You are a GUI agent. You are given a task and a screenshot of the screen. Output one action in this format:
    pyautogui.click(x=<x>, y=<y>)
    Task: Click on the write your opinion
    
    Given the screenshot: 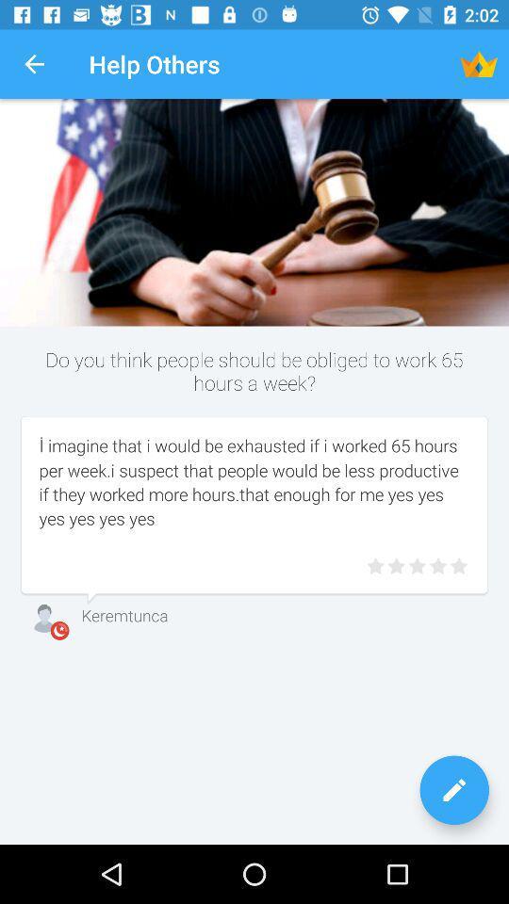 What is the action you would take?
    pyautogui.click(x=453, y=790)
    